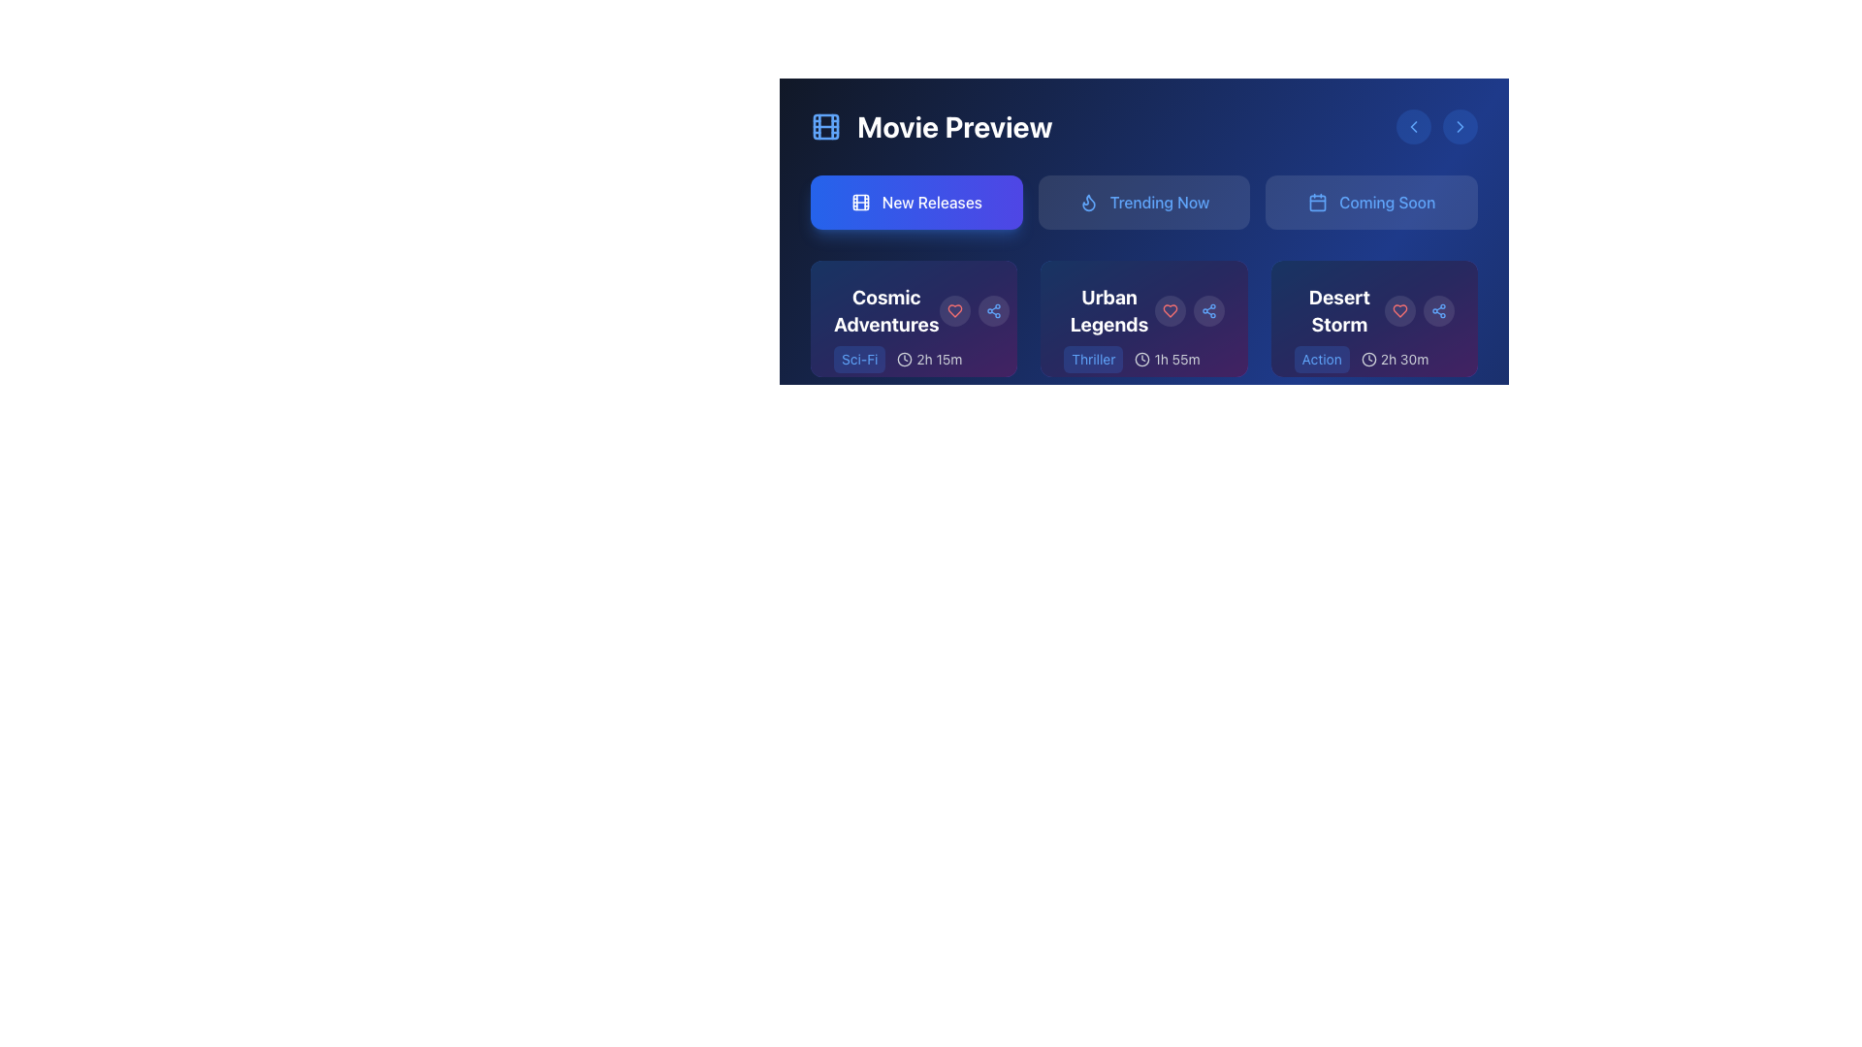 The width and height of the screenshot is (1862, 1047). I want to click on the film reel icon located to the far left of the header section, adjacent to the 'Movie Preview' text, so click(825, 127).